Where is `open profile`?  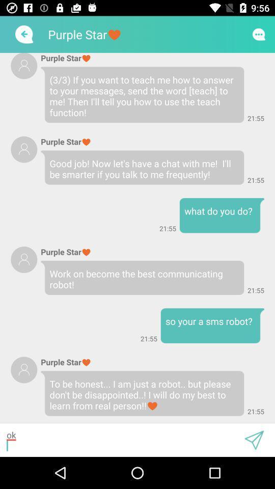
open profile is located at coordinates (24, 259).